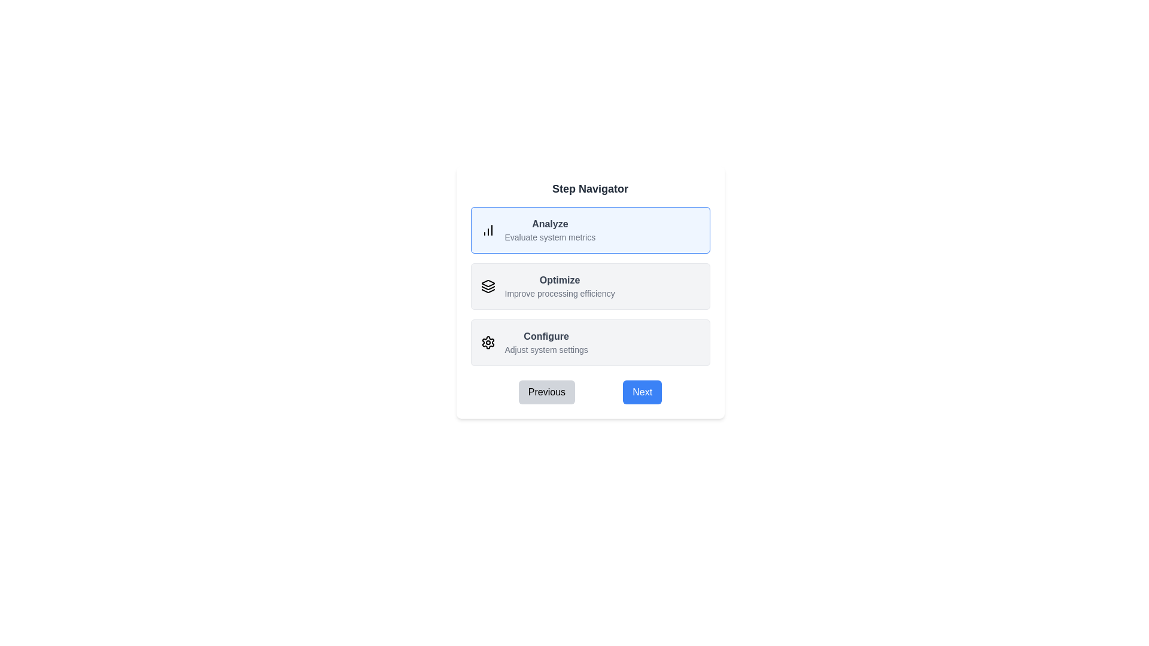 This screenshot has width=1149, height=646. Describe the element at coordinates (546, 343) in the screenshot. I see `the descriptive Text label that indicates the user can configure and adjust system settings, located below the 'Analyze' and 'Optimize' elements` at that location.